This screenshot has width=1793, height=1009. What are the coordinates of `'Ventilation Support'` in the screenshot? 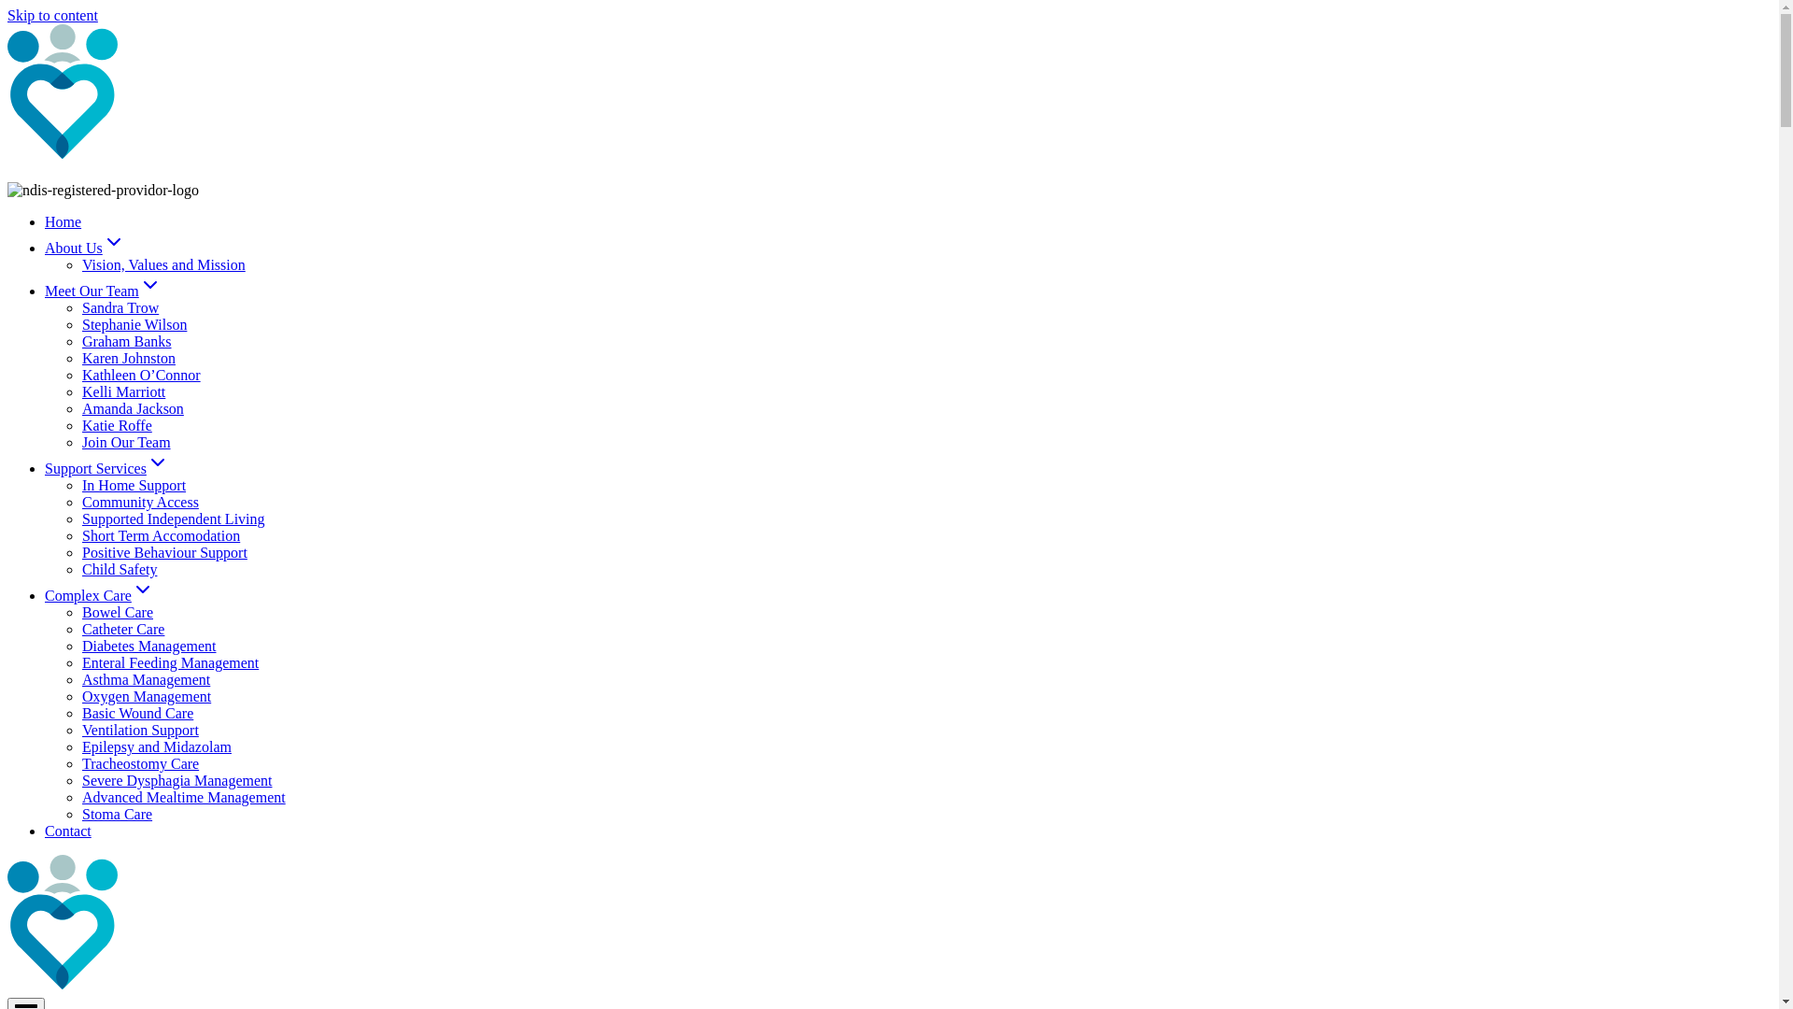 It's located at (139, 729).